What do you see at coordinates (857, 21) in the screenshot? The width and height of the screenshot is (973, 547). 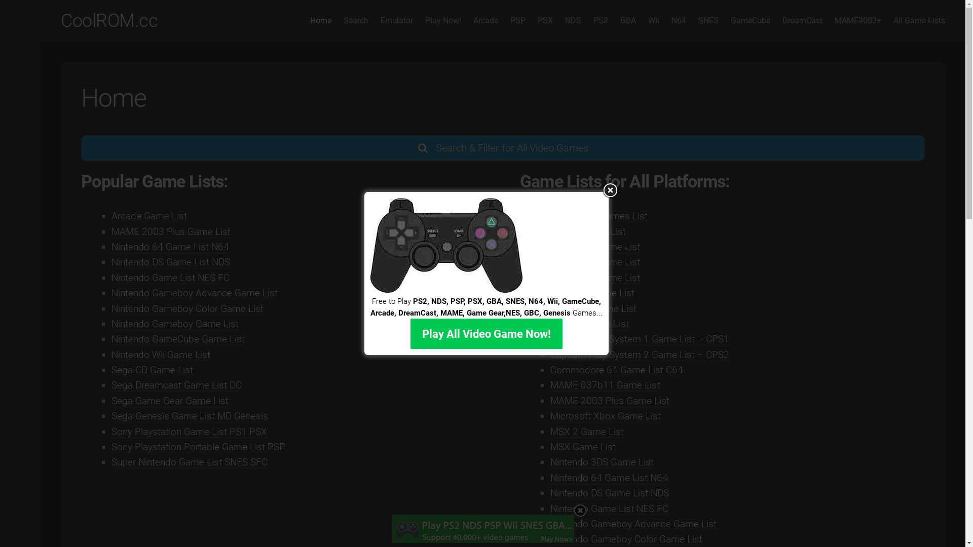 I see `'MAME2003+'` at bounding box center [857, 21].